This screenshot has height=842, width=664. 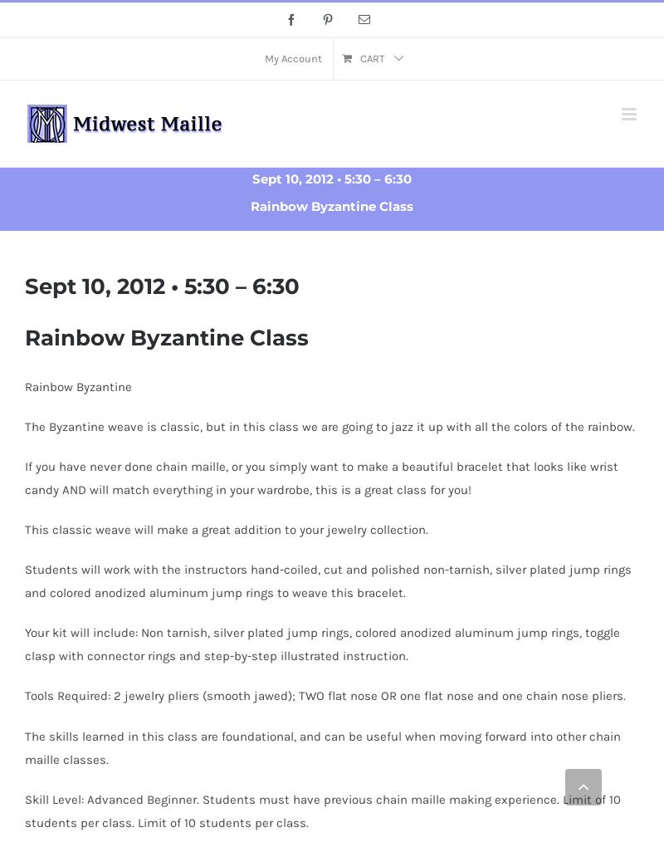 I want to click on 'If you have never done chain maille, or you simply want to make a beautiful bracelet that looks like wrist candy AND will match everything in your wardrobe, this is a great class for you!', so click(x=320, y=477).